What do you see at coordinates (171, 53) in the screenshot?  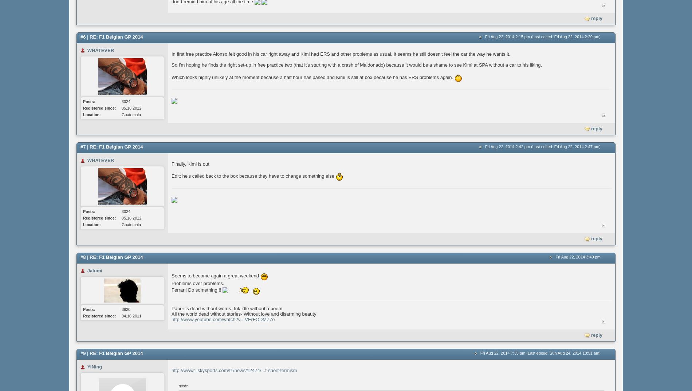 I see `'In first free practice Alonso felt good in his car right away and Kimi had ERS and other problems as usual. It seems he still doesn't feel the car the way he wants it.'` at bounding box center [171, 53].